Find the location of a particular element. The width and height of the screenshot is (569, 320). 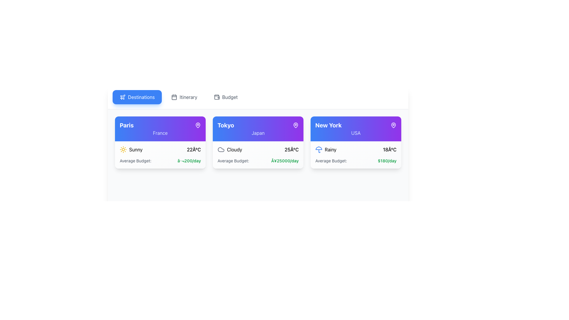

details from the Travel information card, which is the first card in a grid layout located in the top-left corner is located at coordinates (160, 143).